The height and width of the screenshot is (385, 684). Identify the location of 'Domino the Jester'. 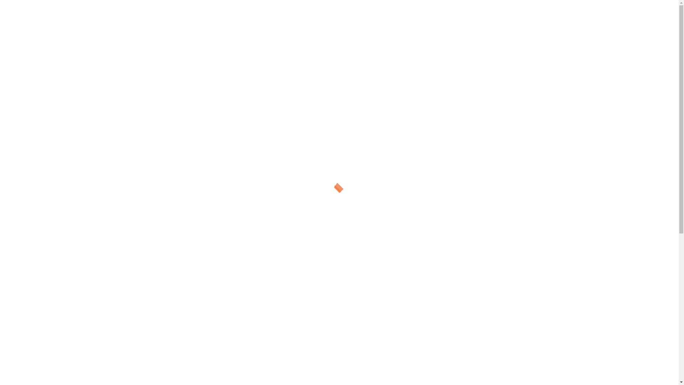
(229, 66).